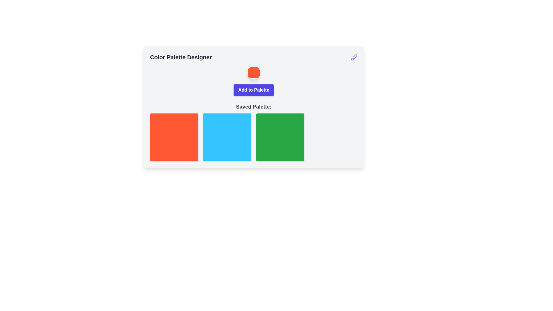 The width and height of the screenshot is (553, 311). What do you see at coordinates (253, 81) in the screenshot?
I see `the 'Add to Palette' button, which is a blue rectangular button located below the orange circular button in the Composite UI component for color selection` at bounding box center [253, 81].